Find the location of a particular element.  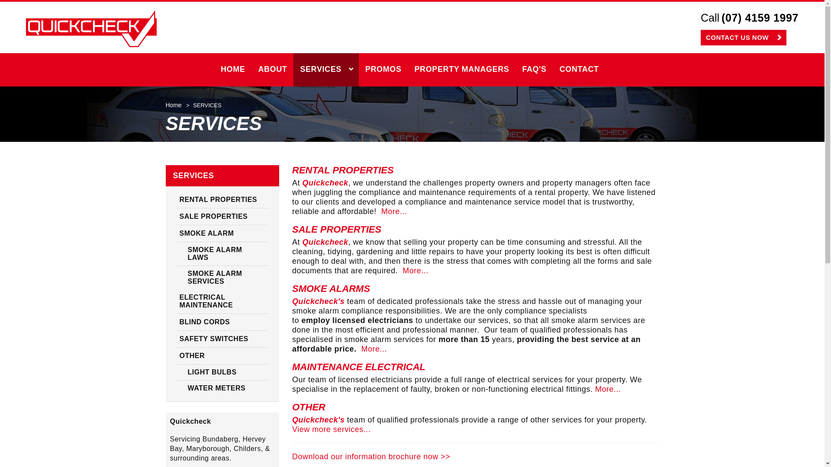

'SMOKE ALARM SERVICES' is located at coordinates (222, 277).